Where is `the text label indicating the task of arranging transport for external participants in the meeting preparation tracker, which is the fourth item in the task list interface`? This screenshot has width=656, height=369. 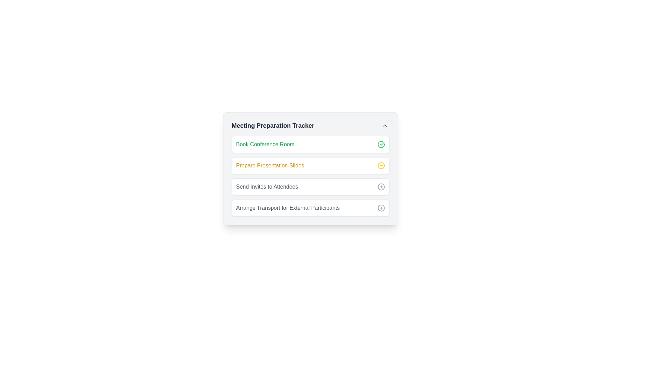
the text label indicating the task of arranging transport for external participants in the meeting preparation tracker, which is the fourth item in the task list interface is located at coordinates (288, 208).